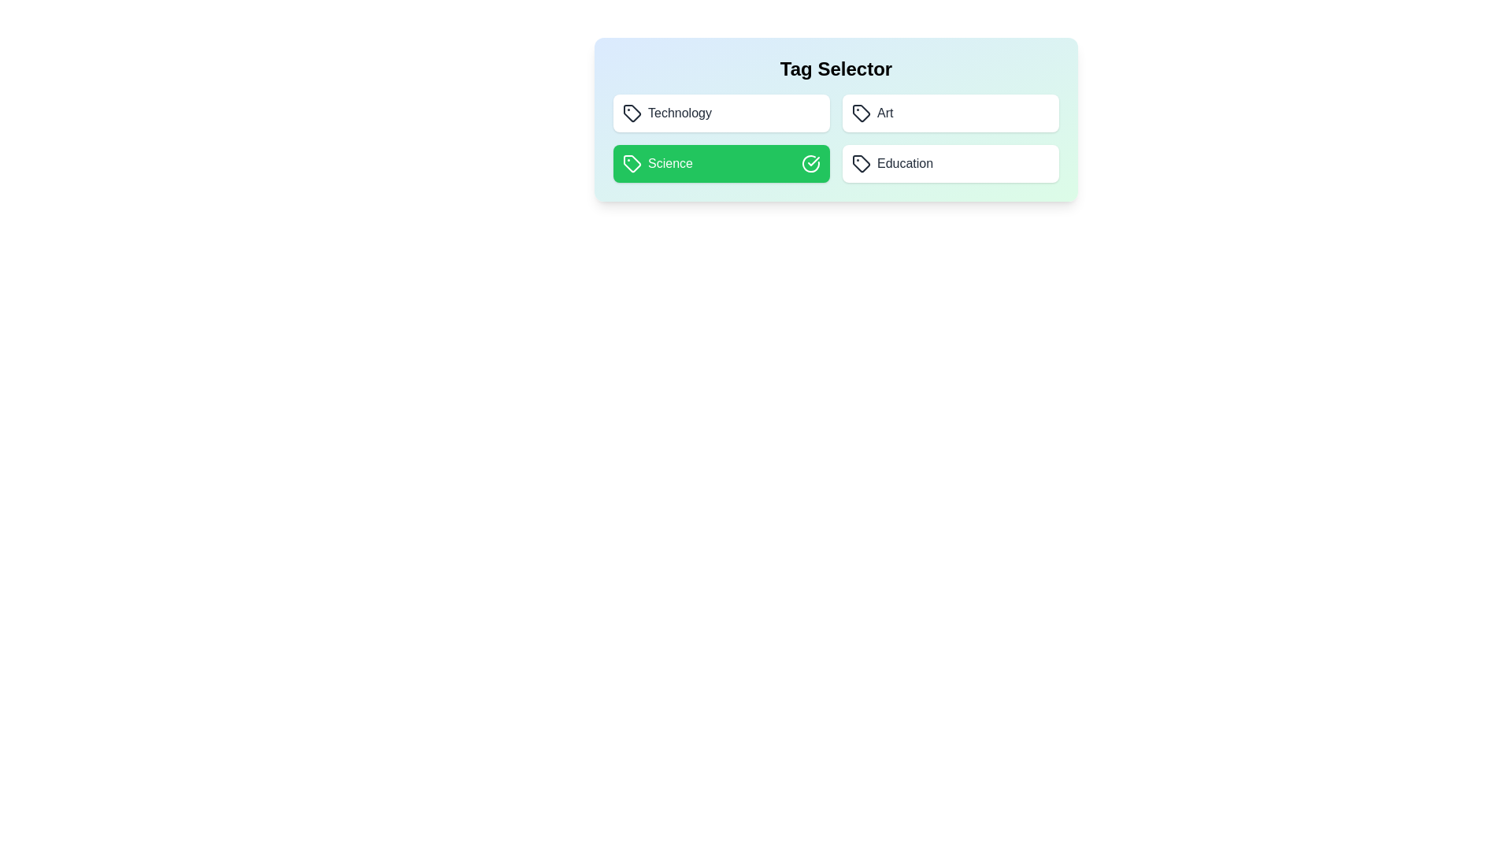 This screenshot has width=1512, height=851. Describe the element at coordinates (721, 112) in the screenshot. I see `the tag Technology by clicking on it` at that location.